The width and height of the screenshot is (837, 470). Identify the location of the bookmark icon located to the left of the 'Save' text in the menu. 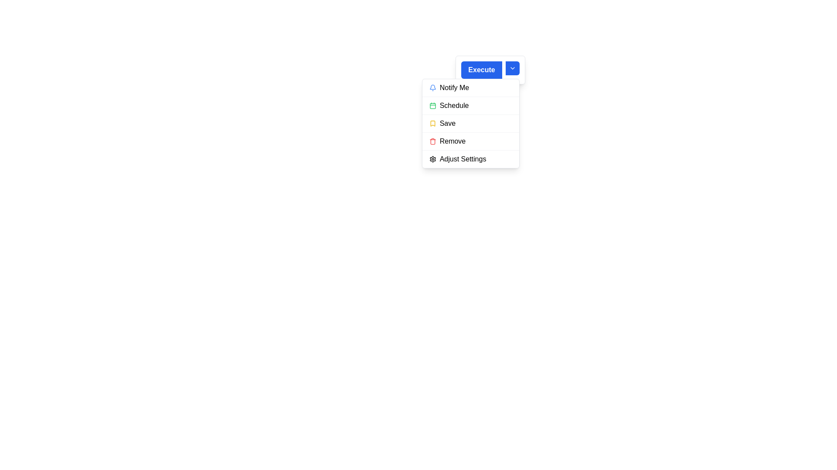
(432, 124).